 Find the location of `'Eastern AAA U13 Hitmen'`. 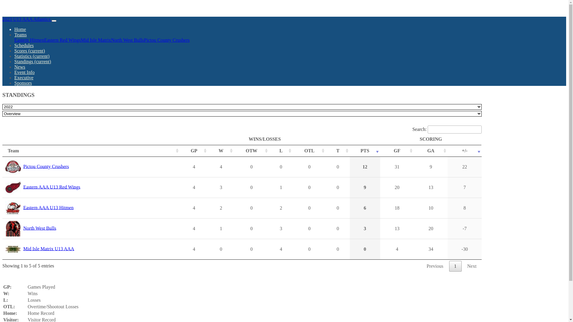

'Eastern AAA U13 Hitmen' is located at coordinates (48, 207).